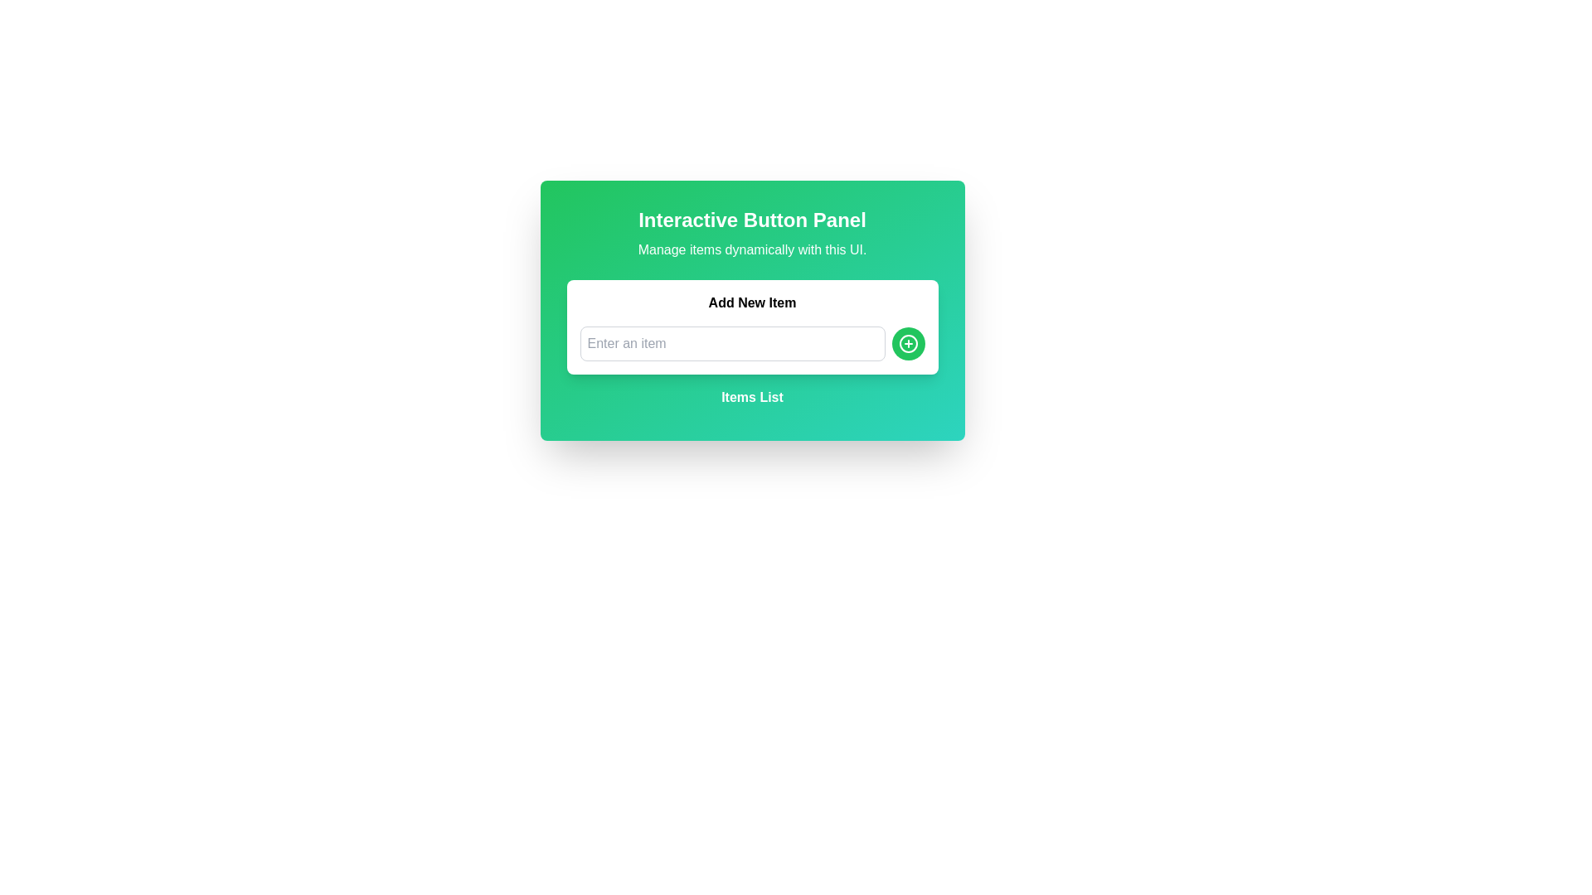 The width and height of the screenshot is (1592, 895). What do you see at coordinates (907, 343) in the screenshot?
I see `the icon within the green circular button located to the right of the input field` at bounding box center [907, 343].